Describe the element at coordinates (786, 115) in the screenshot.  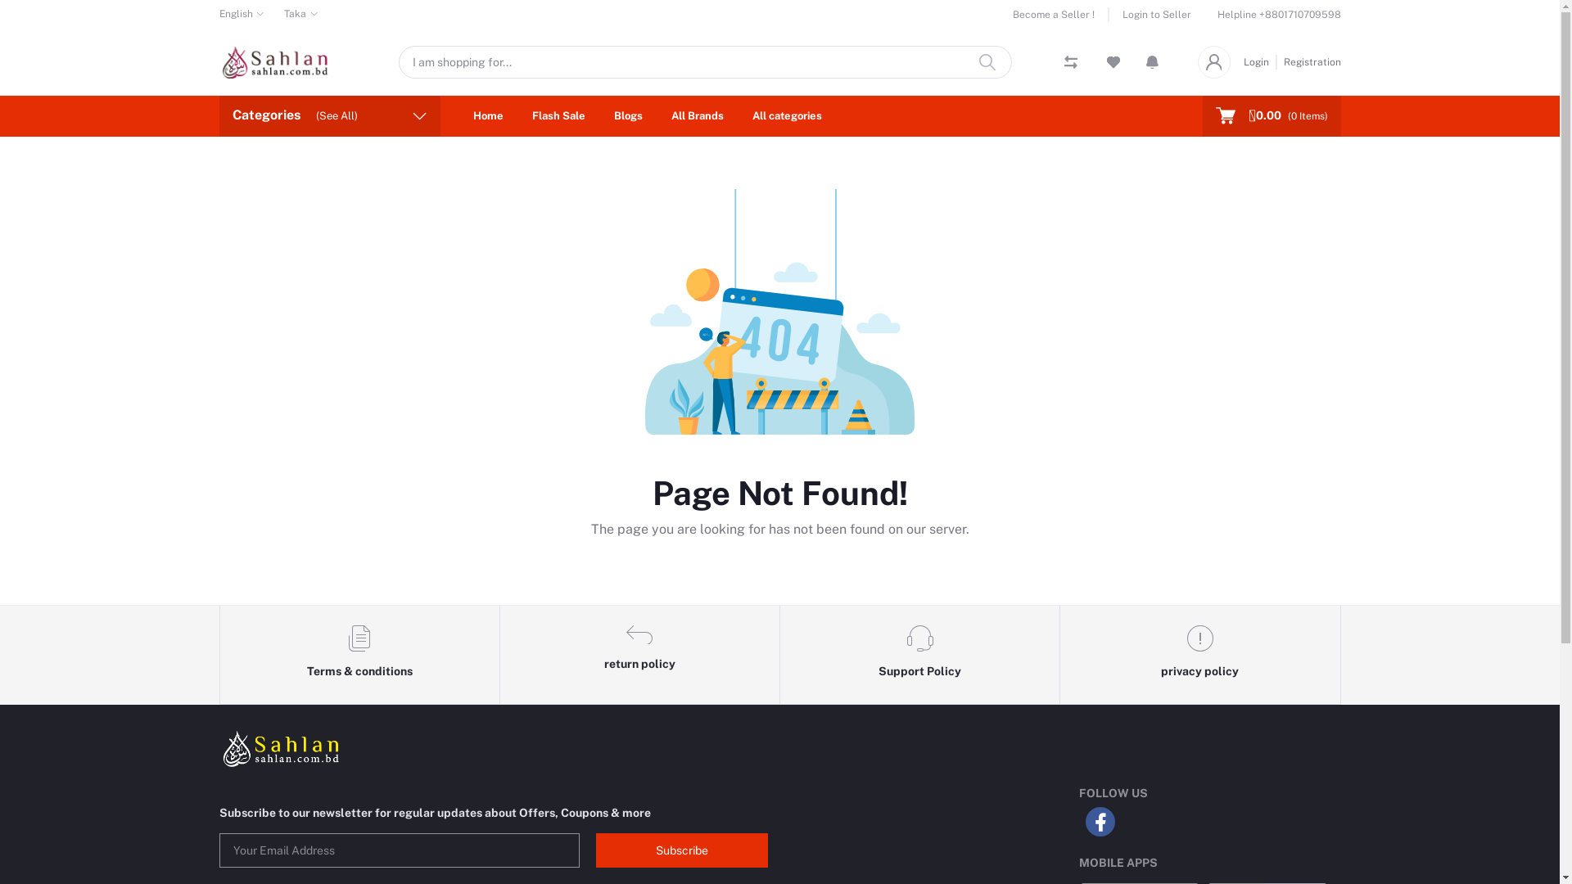
I see `'All categories'` at that location.